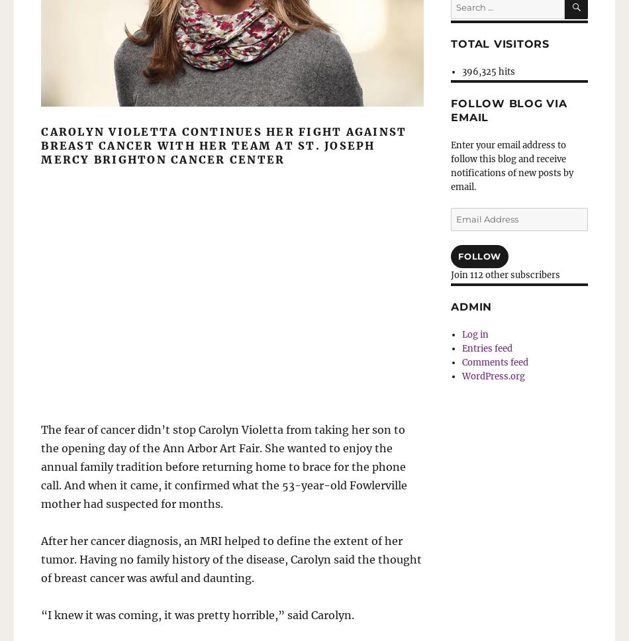 The image size is (629, 641). Describe the element at coordinates (505, 274) in the screenshot. I see `'Join 112 other subscribers'` at that location.